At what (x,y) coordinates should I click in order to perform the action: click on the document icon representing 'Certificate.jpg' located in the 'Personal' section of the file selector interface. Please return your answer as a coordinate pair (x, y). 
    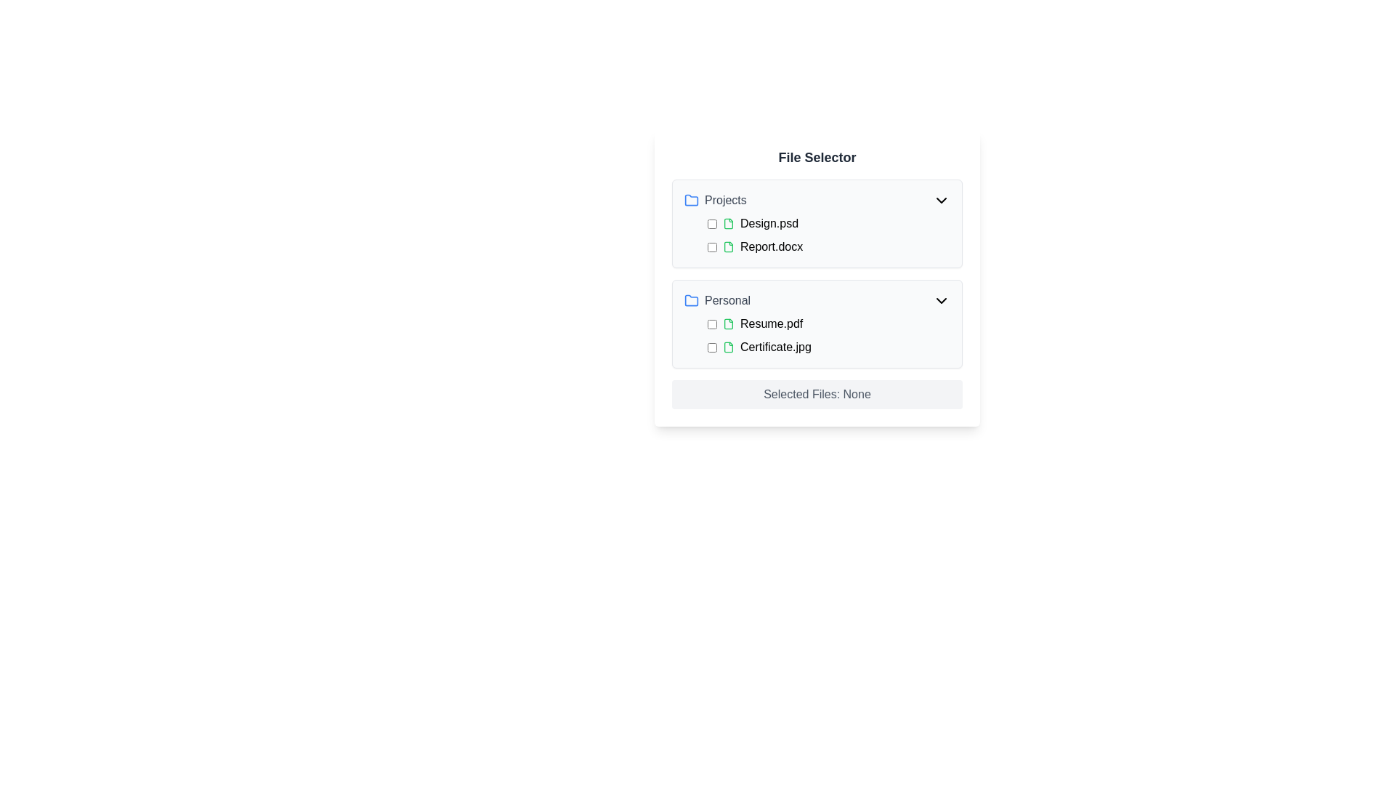
    Looking at the image, I should click on (729, 347).